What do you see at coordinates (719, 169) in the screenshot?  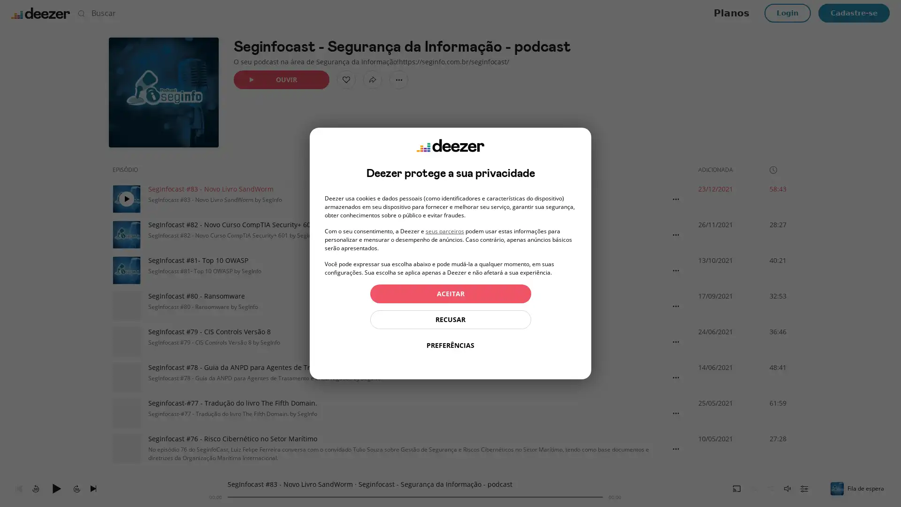 I see `ADICIONADA` at bounding box center [719, 169].